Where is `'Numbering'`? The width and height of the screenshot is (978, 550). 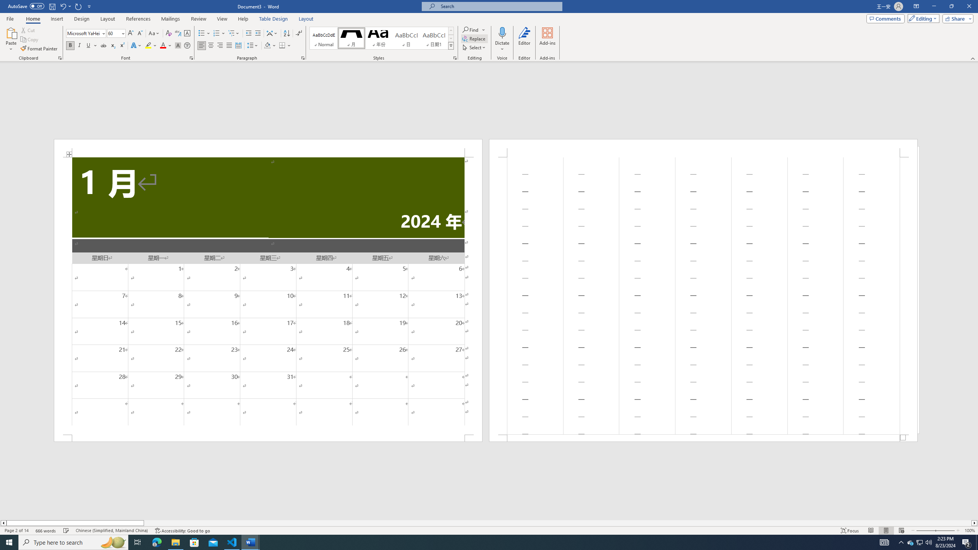 'Numbering' is located at coordinates (219, 33).